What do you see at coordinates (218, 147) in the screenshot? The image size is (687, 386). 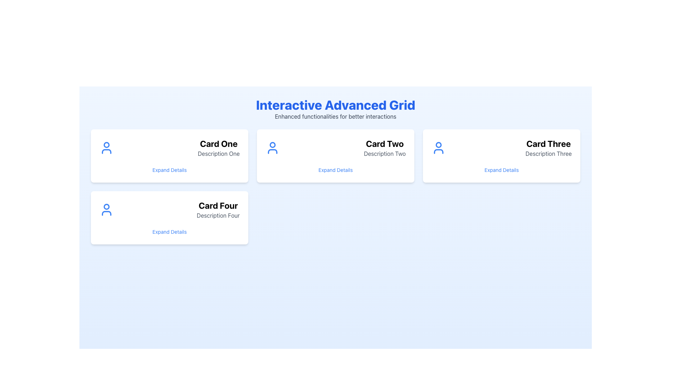 I see `text block containing 'Card One' and 'Description One' located in the top-left card of the grid layout` at bounding box center [218, 147].